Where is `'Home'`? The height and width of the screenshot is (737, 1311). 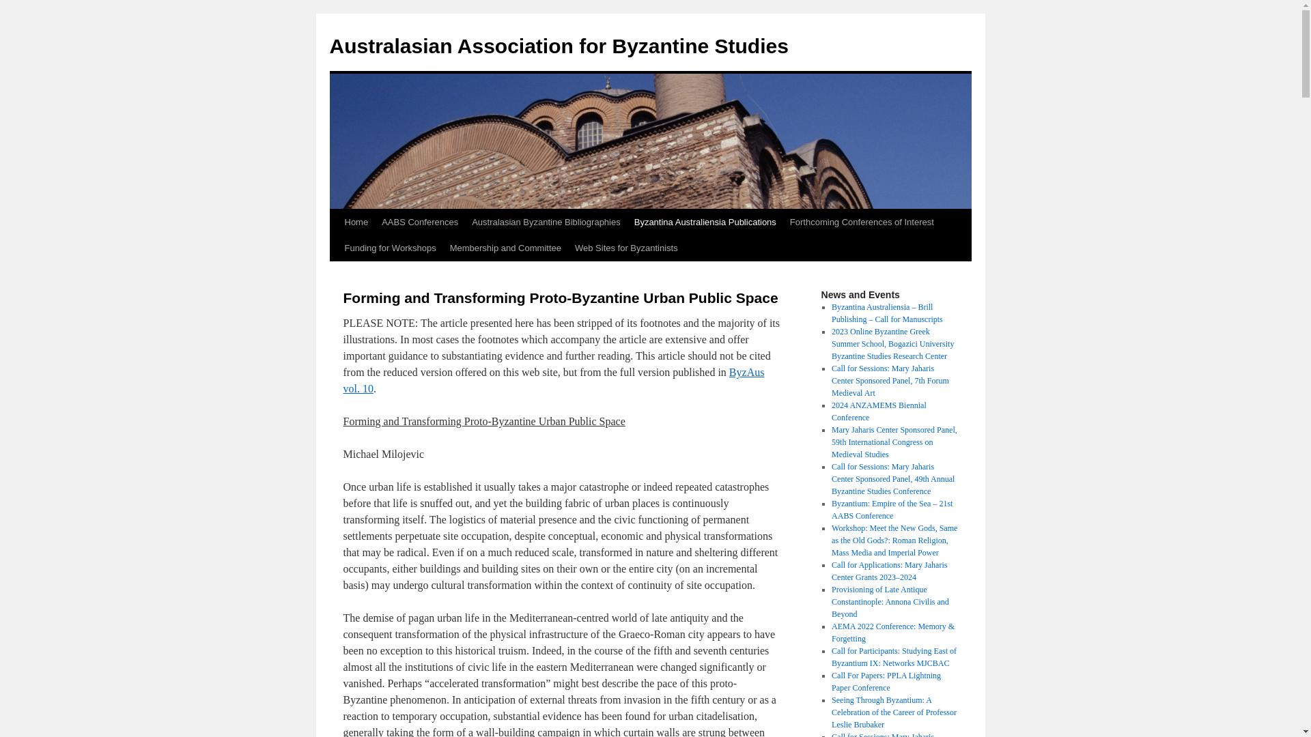
'Home' is located at coordinates (337, 222).